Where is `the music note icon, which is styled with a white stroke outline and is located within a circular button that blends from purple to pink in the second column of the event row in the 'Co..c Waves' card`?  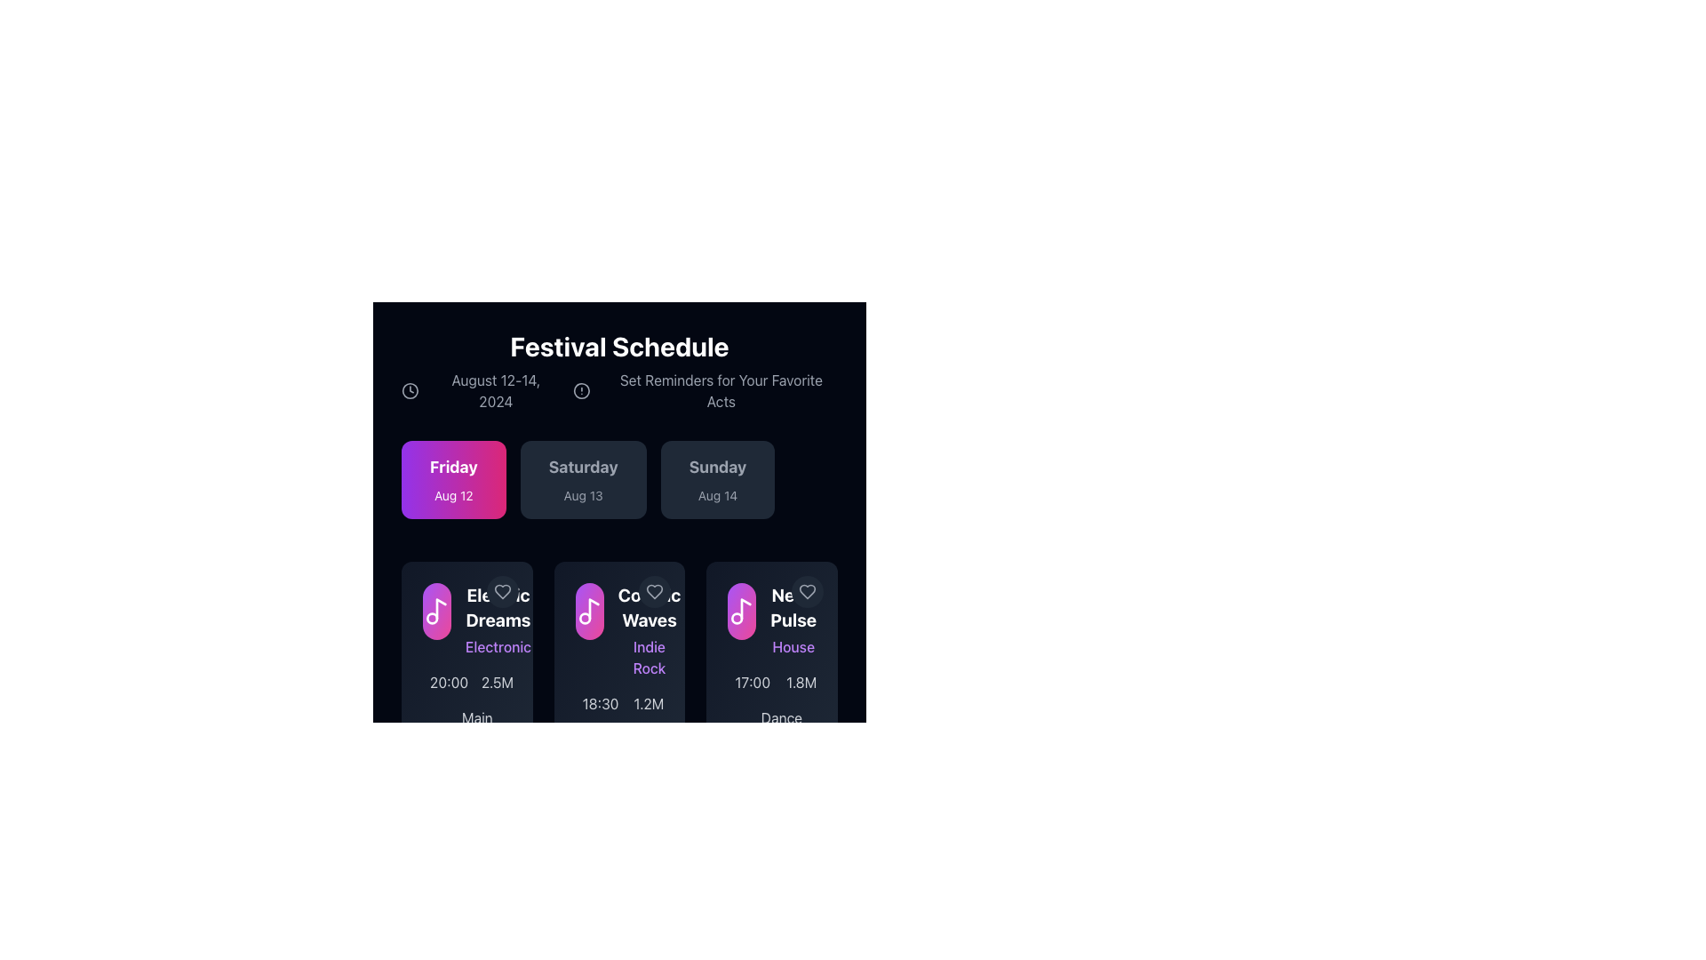 the music note icon, which is styled with a white stroke outline and is located within a circular button that blends from purple to pink in the second column of the event row in the 'Co..c Waves' card is located at coordinates (589, 610).